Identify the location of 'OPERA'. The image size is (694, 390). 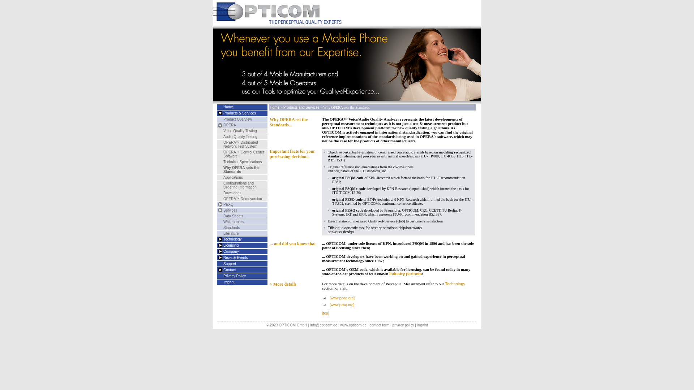
(229, 125).